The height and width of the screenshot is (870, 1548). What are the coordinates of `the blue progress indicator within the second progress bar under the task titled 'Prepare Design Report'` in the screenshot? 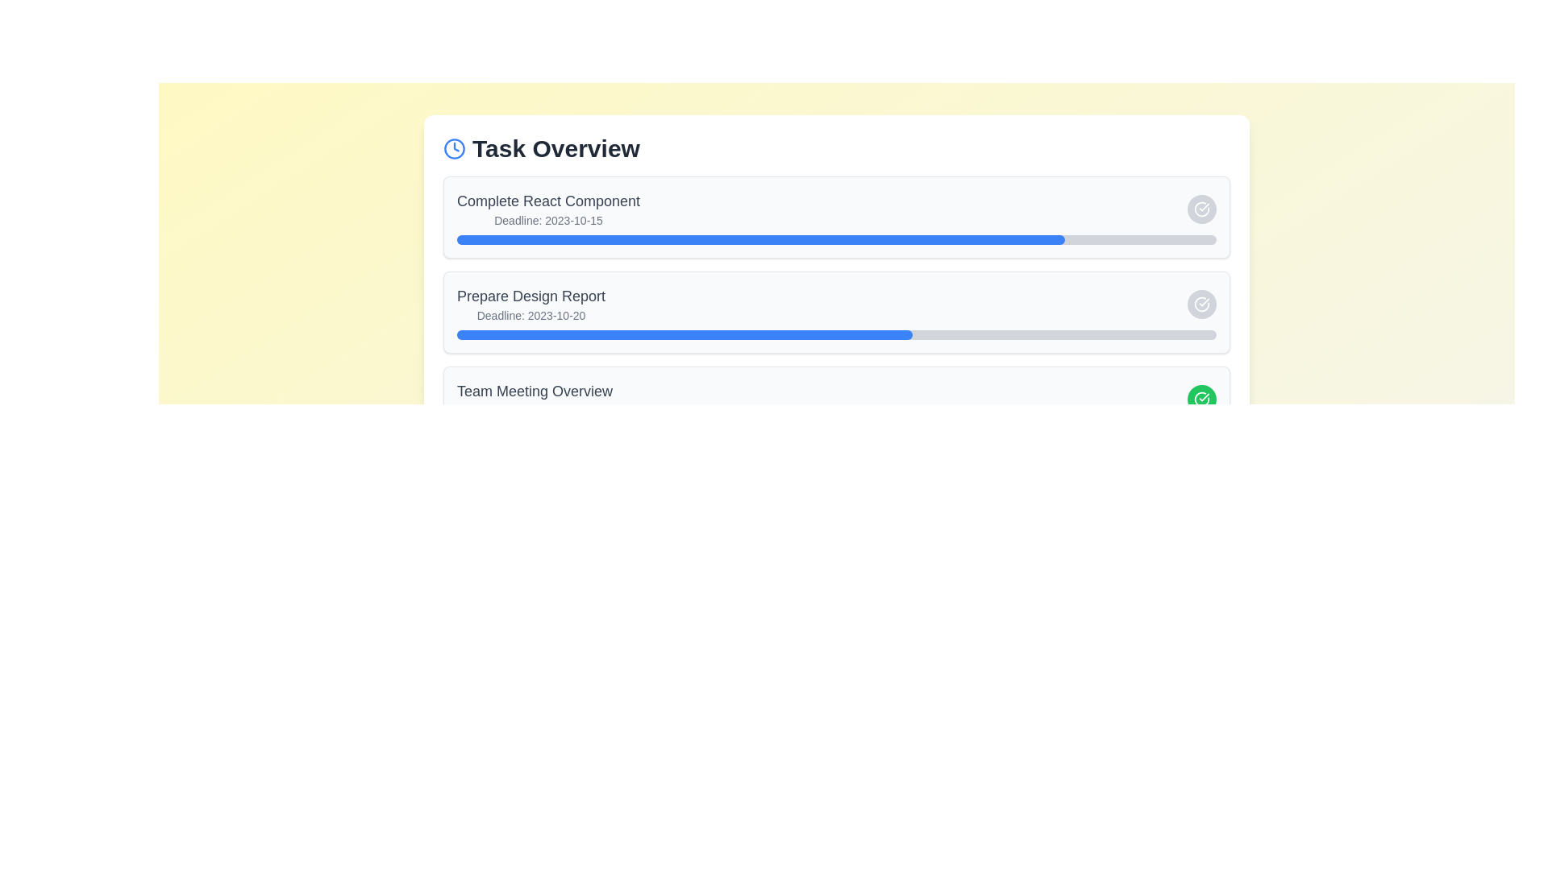 It's located at (685, 334).